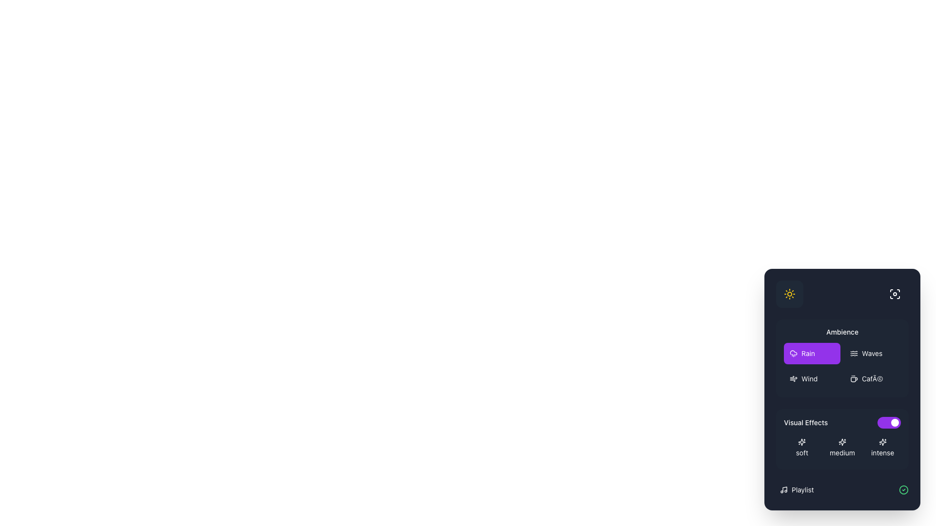  Describe the element at coordinates (793, 353) in the screenshot. I see `the cloud with rain drops icon, which is located within the purple rectangular section labeled 'Rain' in the ambiance options grid` at that location.